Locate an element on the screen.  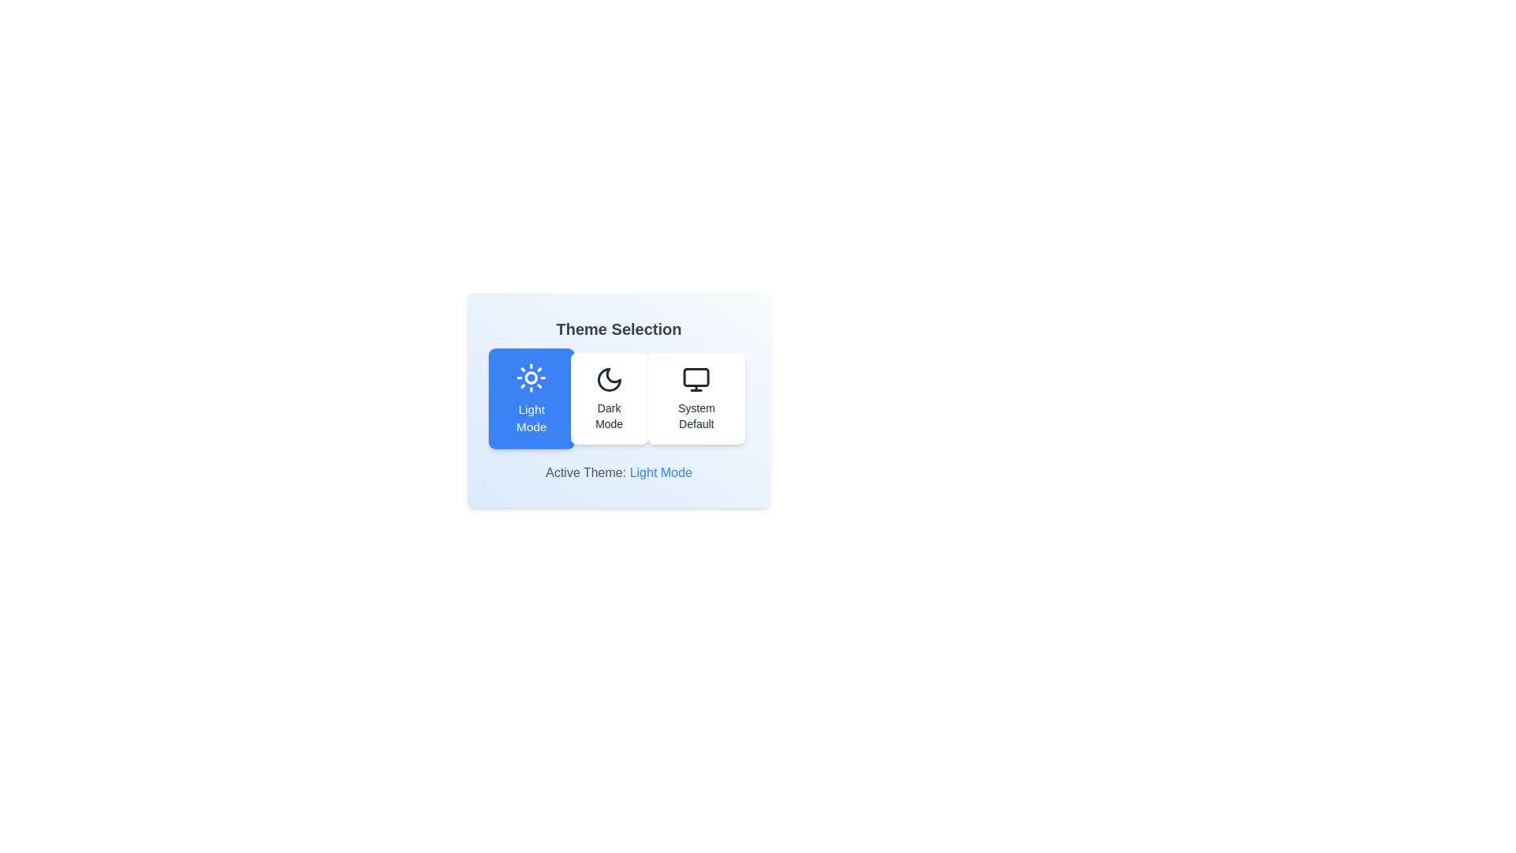
the Light Mode button to see its hover effect is located at coordinates (531, 398).